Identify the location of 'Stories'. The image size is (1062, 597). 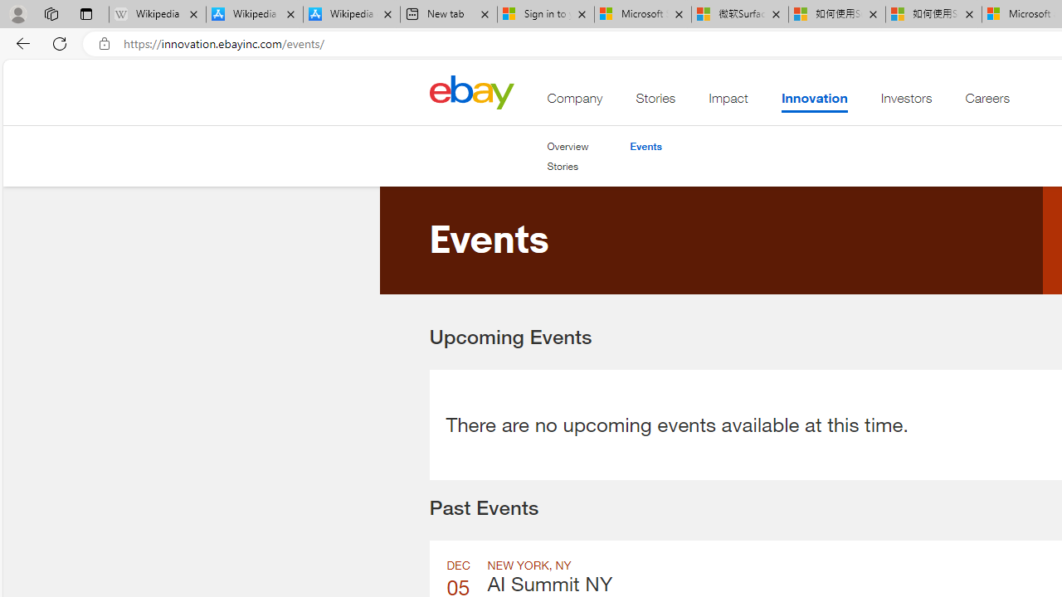
(568, 167).